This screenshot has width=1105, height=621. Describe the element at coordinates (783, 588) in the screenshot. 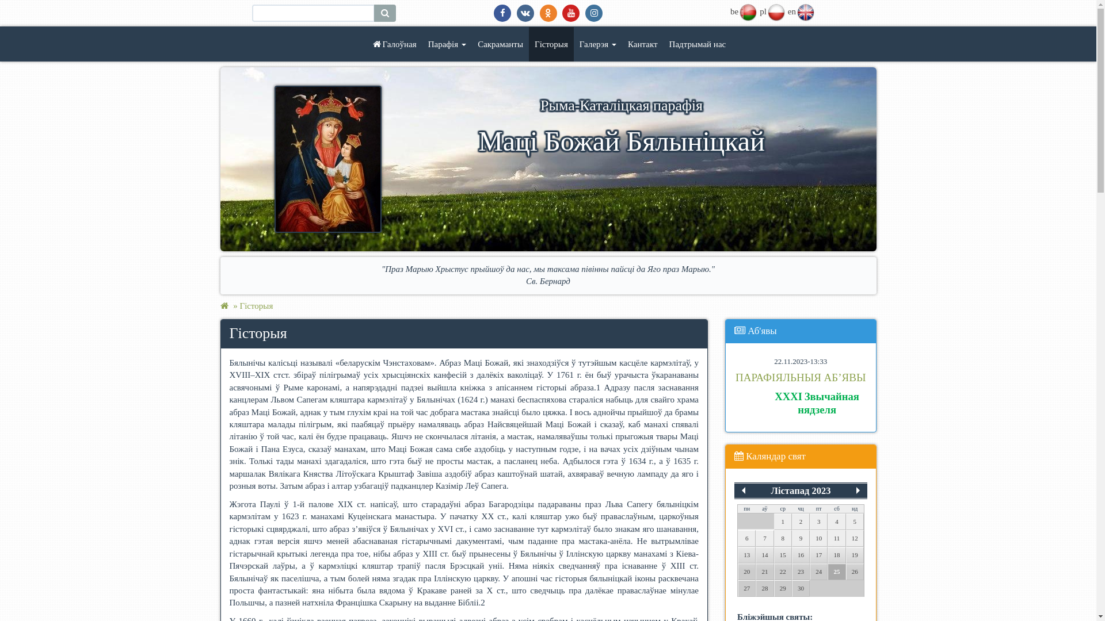

I see `'29'` at that location.